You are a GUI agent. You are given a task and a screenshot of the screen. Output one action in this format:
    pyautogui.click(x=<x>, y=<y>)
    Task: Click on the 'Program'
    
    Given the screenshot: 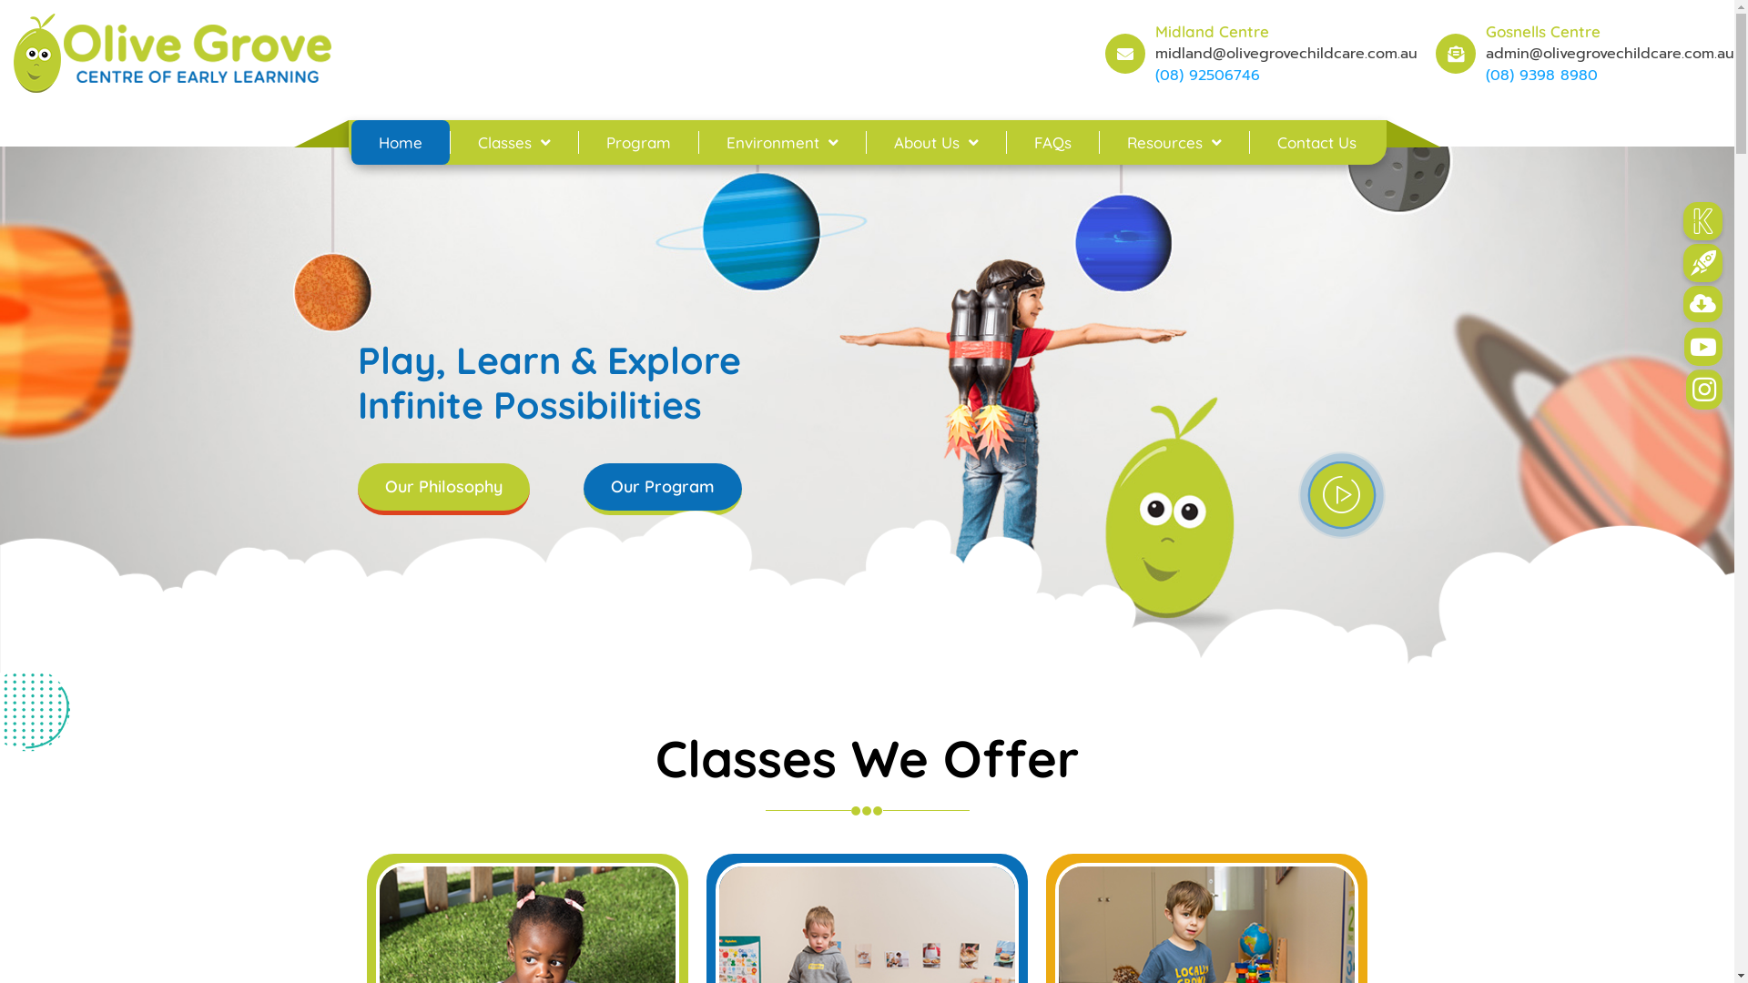 What is the action you would take?
    pyautogui.click(x=638, y=141)
    